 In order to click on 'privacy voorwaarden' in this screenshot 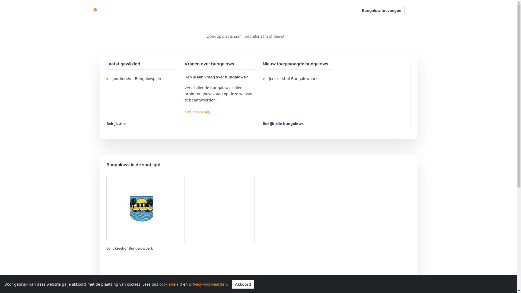, I will do `click(208, 284)`.